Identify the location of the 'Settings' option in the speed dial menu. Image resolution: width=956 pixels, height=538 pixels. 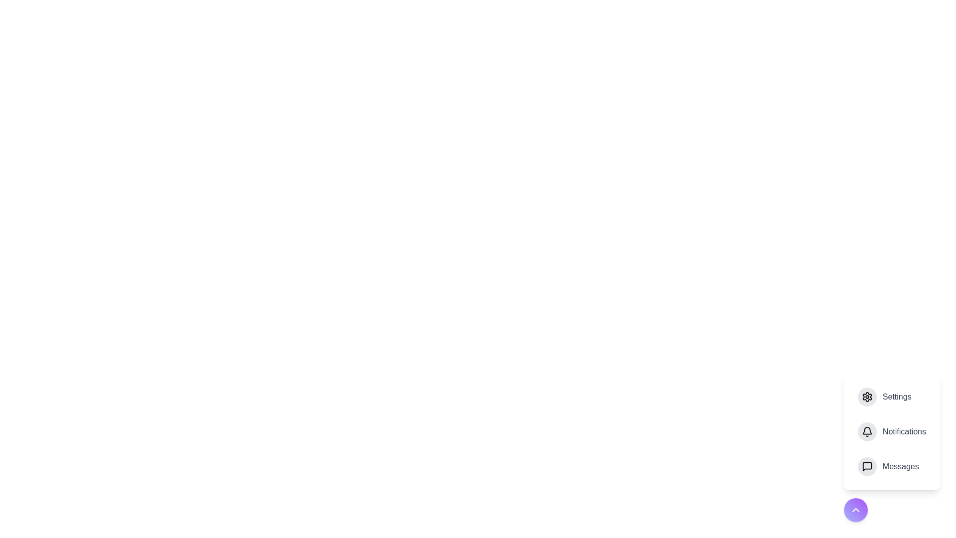
(884, 397).